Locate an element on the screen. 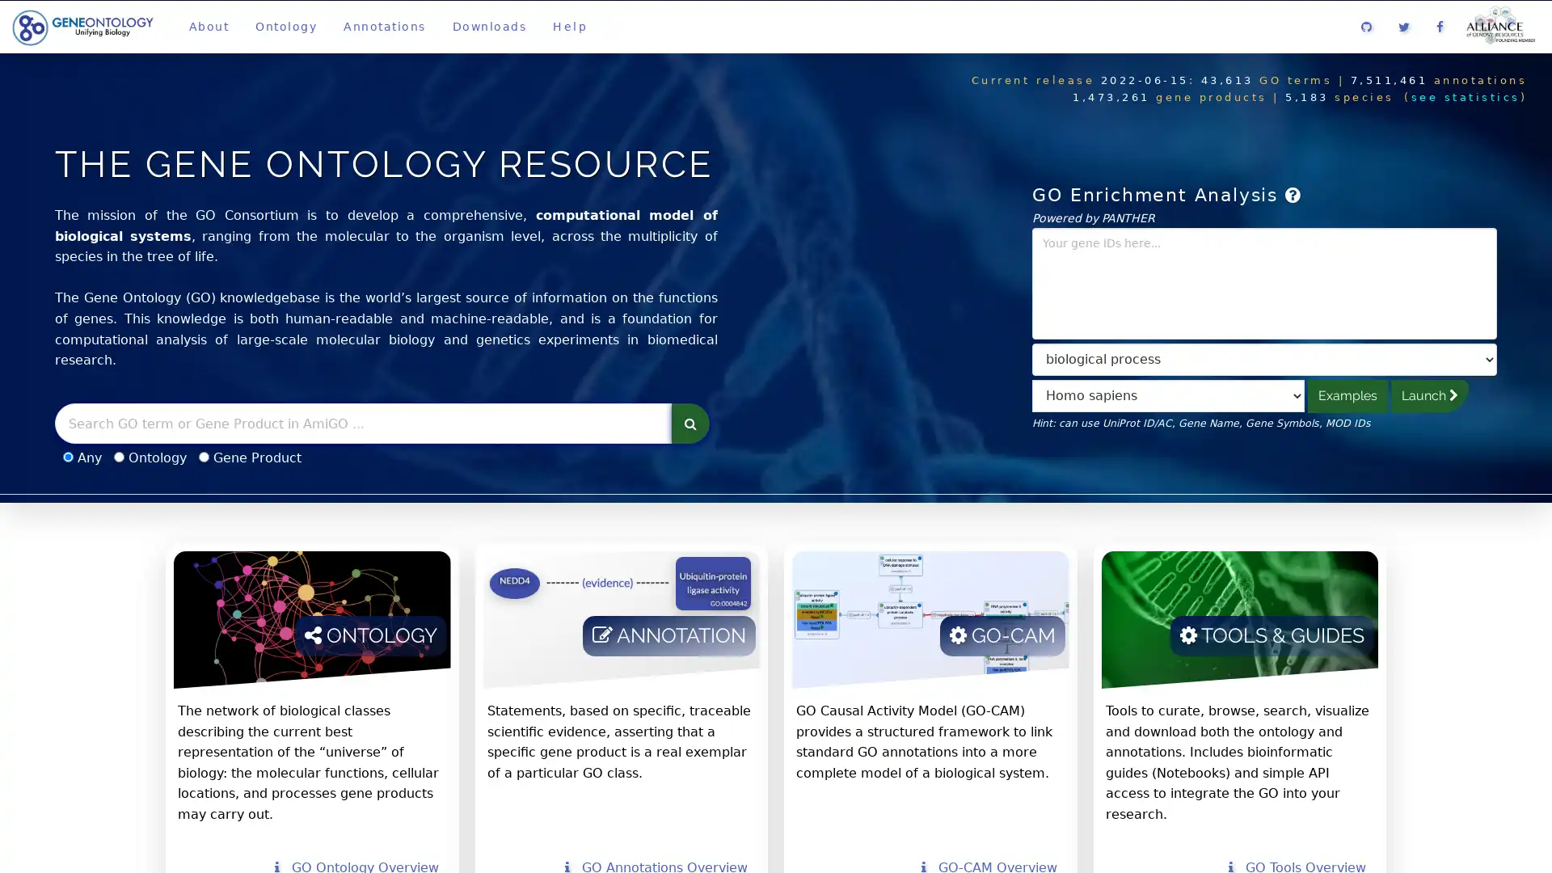 The height and width of the screenshot is (873, 1552). Launch is located at coordinates (1430, 395).